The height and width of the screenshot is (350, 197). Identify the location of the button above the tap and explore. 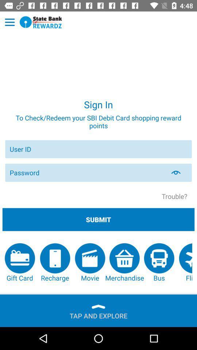
(124, 262).